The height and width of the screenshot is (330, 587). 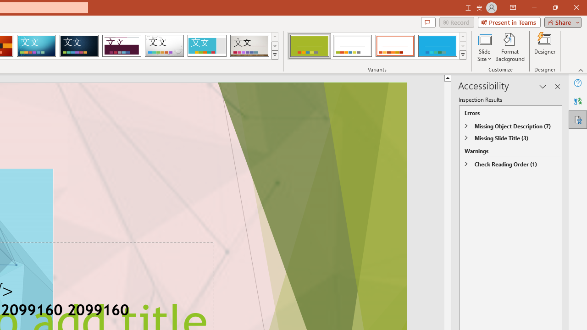 I want to click on 'Themes', so click(x=274, y=55).